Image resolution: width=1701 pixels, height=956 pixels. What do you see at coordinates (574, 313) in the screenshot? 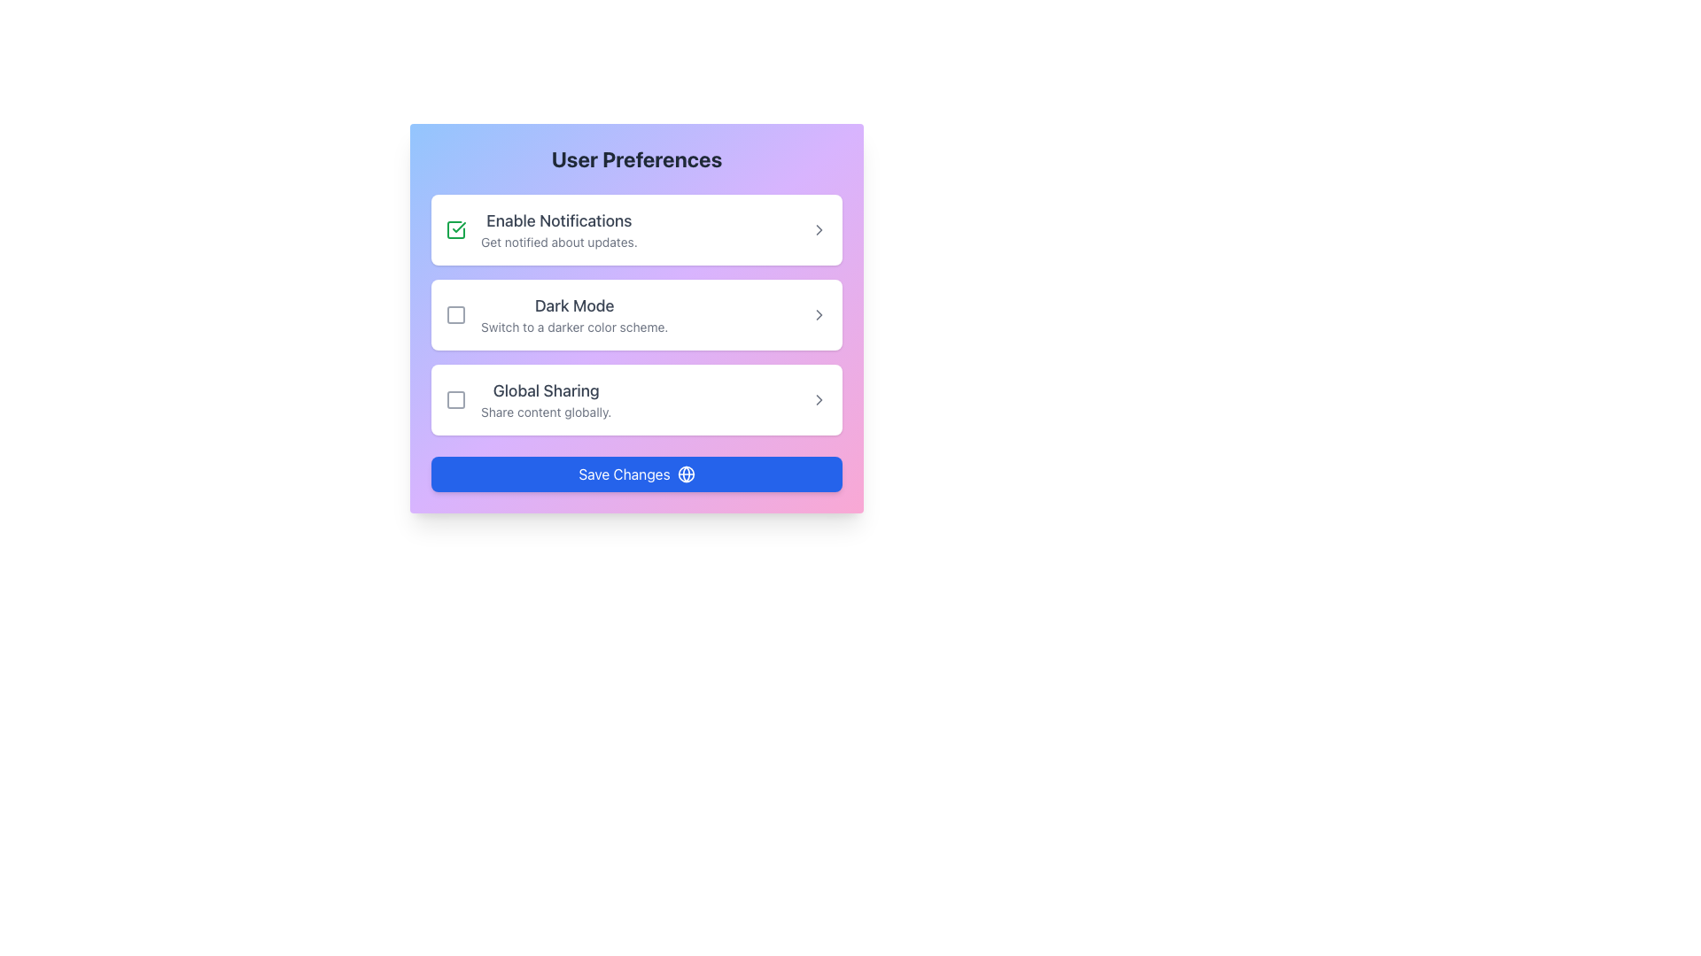
I see `text description about the Dark Mode option, which is located in the 'User Preferences' section, directly below 'Enable Notifications' and above 'Global Sharing'` at bounding box center [574, 313].